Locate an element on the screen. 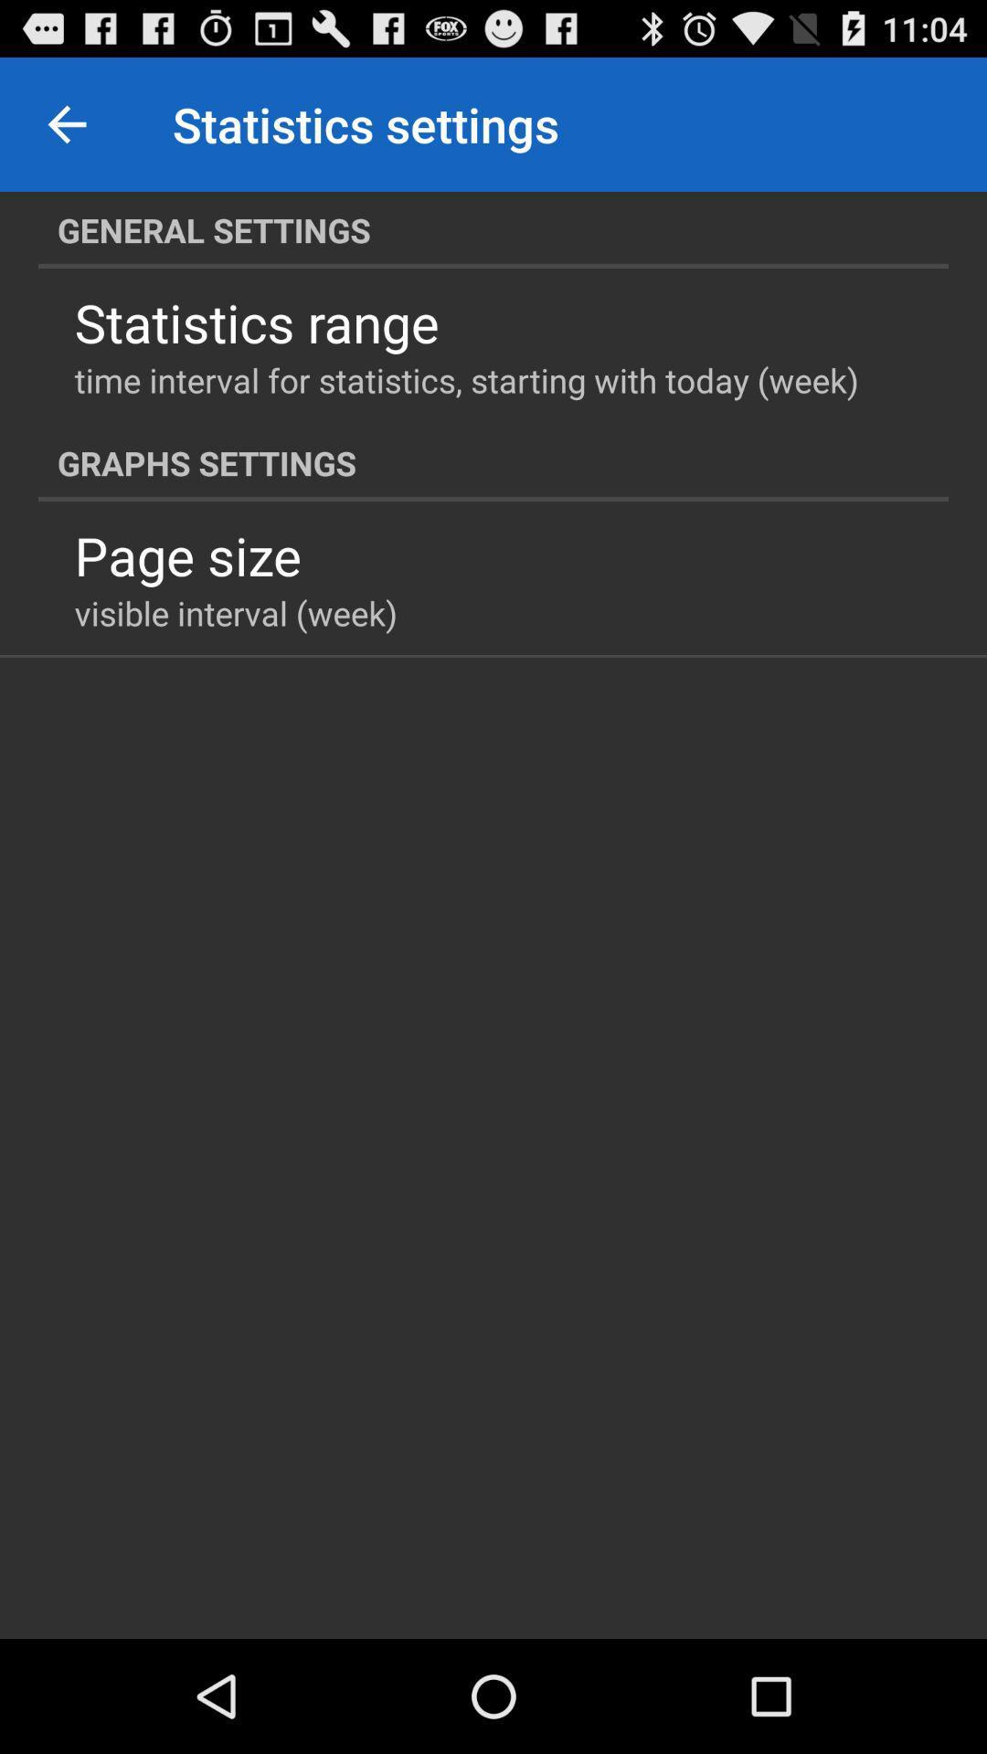  icon next to the statistics settings is located at coordinates (66, 123).